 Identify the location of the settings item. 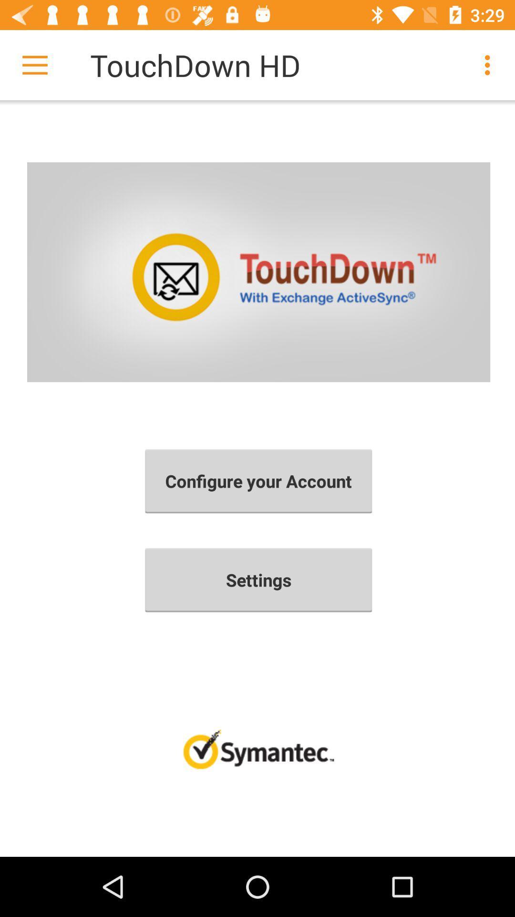
(258, 579).